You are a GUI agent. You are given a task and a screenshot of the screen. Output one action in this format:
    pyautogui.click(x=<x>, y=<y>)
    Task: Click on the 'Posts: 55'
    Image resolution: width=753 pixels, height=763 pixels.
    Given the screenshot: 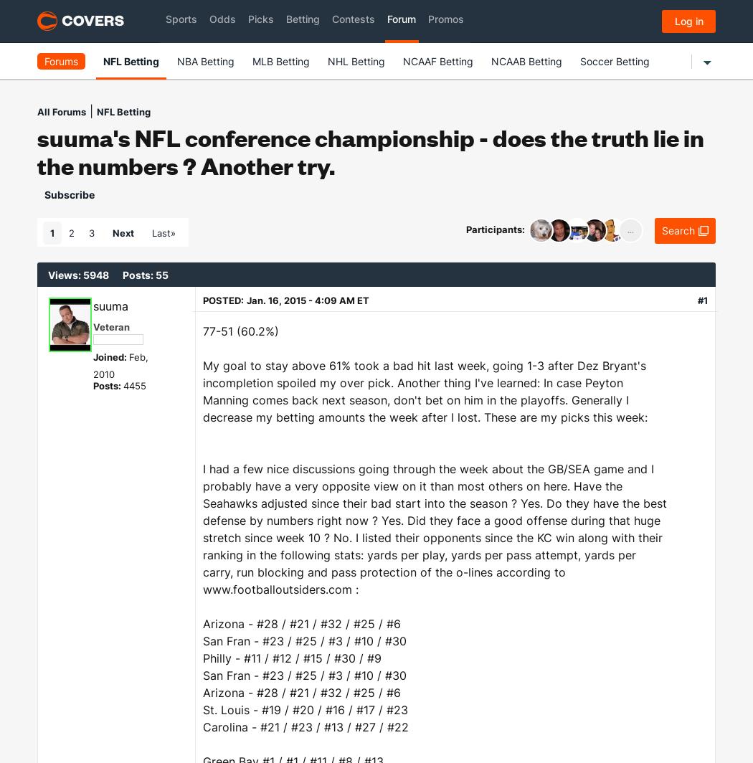 What is the action you would take?
    pyautogui.click(x=144, y=274)
    